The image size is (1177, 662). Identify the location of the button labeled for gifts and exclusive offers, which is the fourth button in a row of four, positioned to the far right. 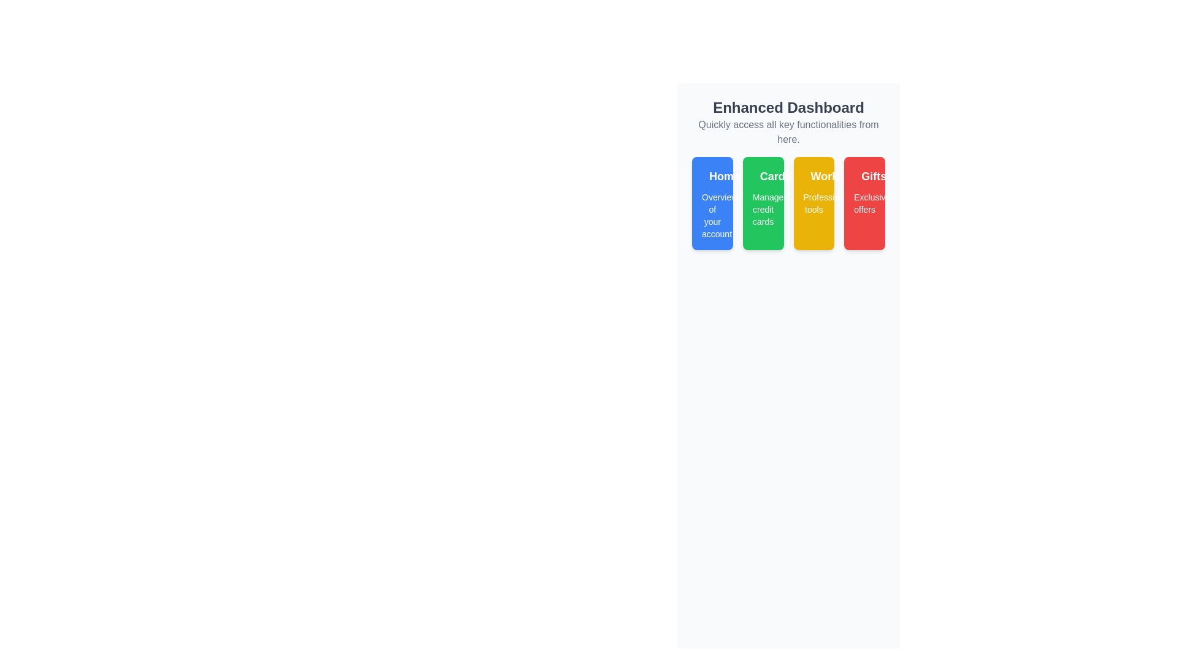
(864, 202).